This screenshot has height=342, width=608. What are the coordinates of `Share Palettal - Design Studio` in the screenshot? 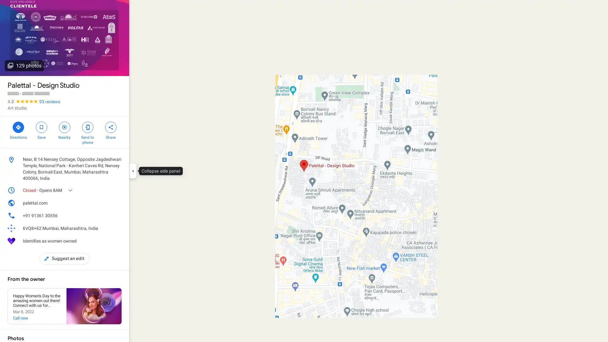 It's located at (111, 129).